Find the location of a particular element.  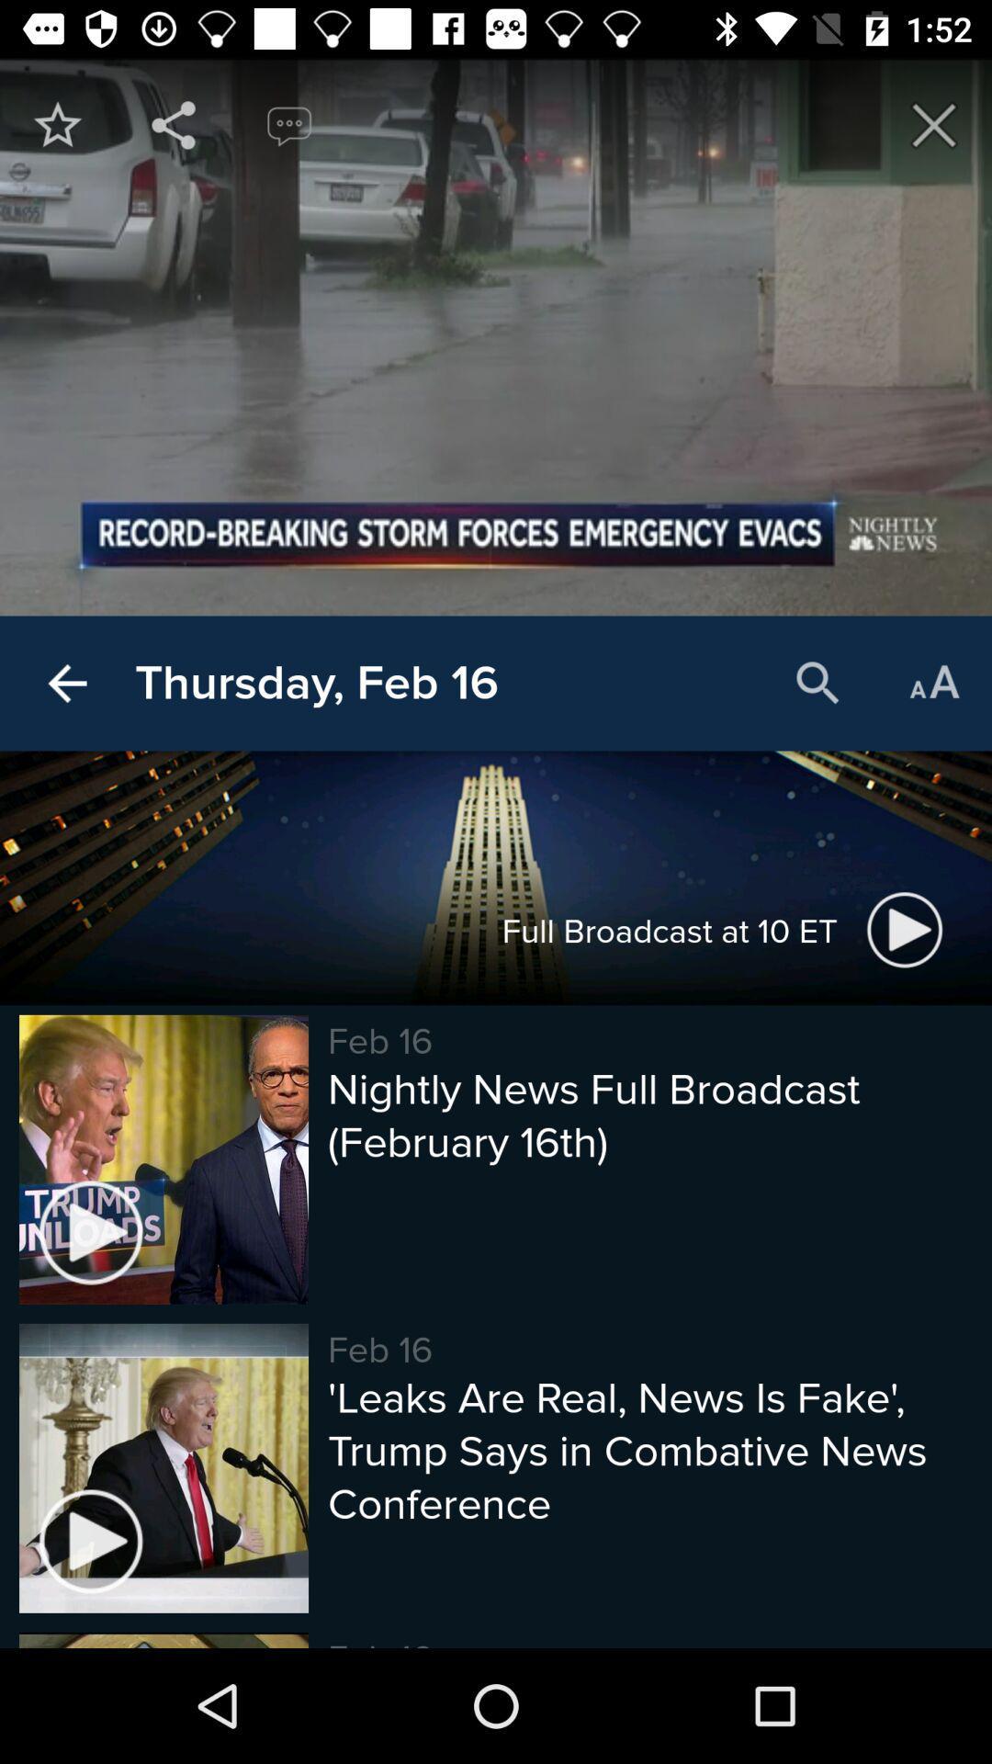

the thursday, feb 16 icon is located at coordinates (315, 683).